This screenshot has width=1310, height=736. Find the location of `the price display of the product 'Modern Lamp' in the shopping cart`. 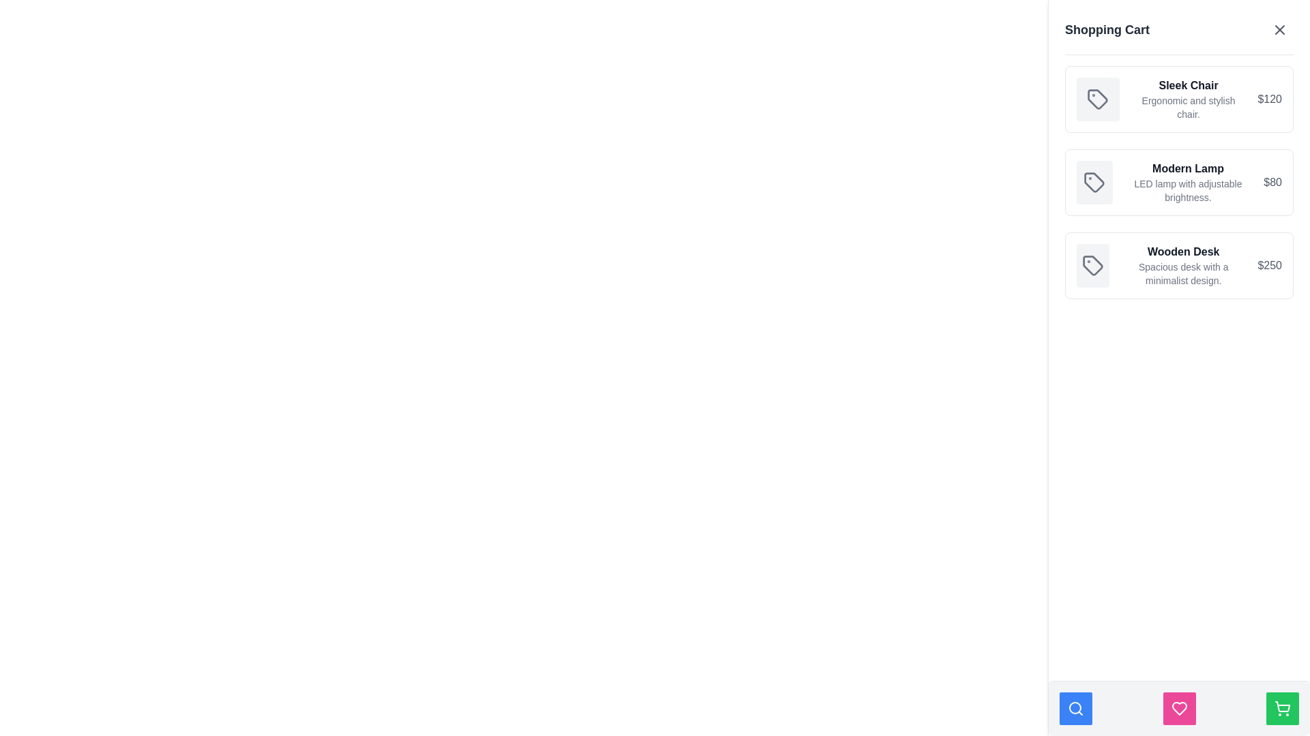

the price display of the product 'Modern Lamp' in the shopping cart is located at coordinates (1272, 181).